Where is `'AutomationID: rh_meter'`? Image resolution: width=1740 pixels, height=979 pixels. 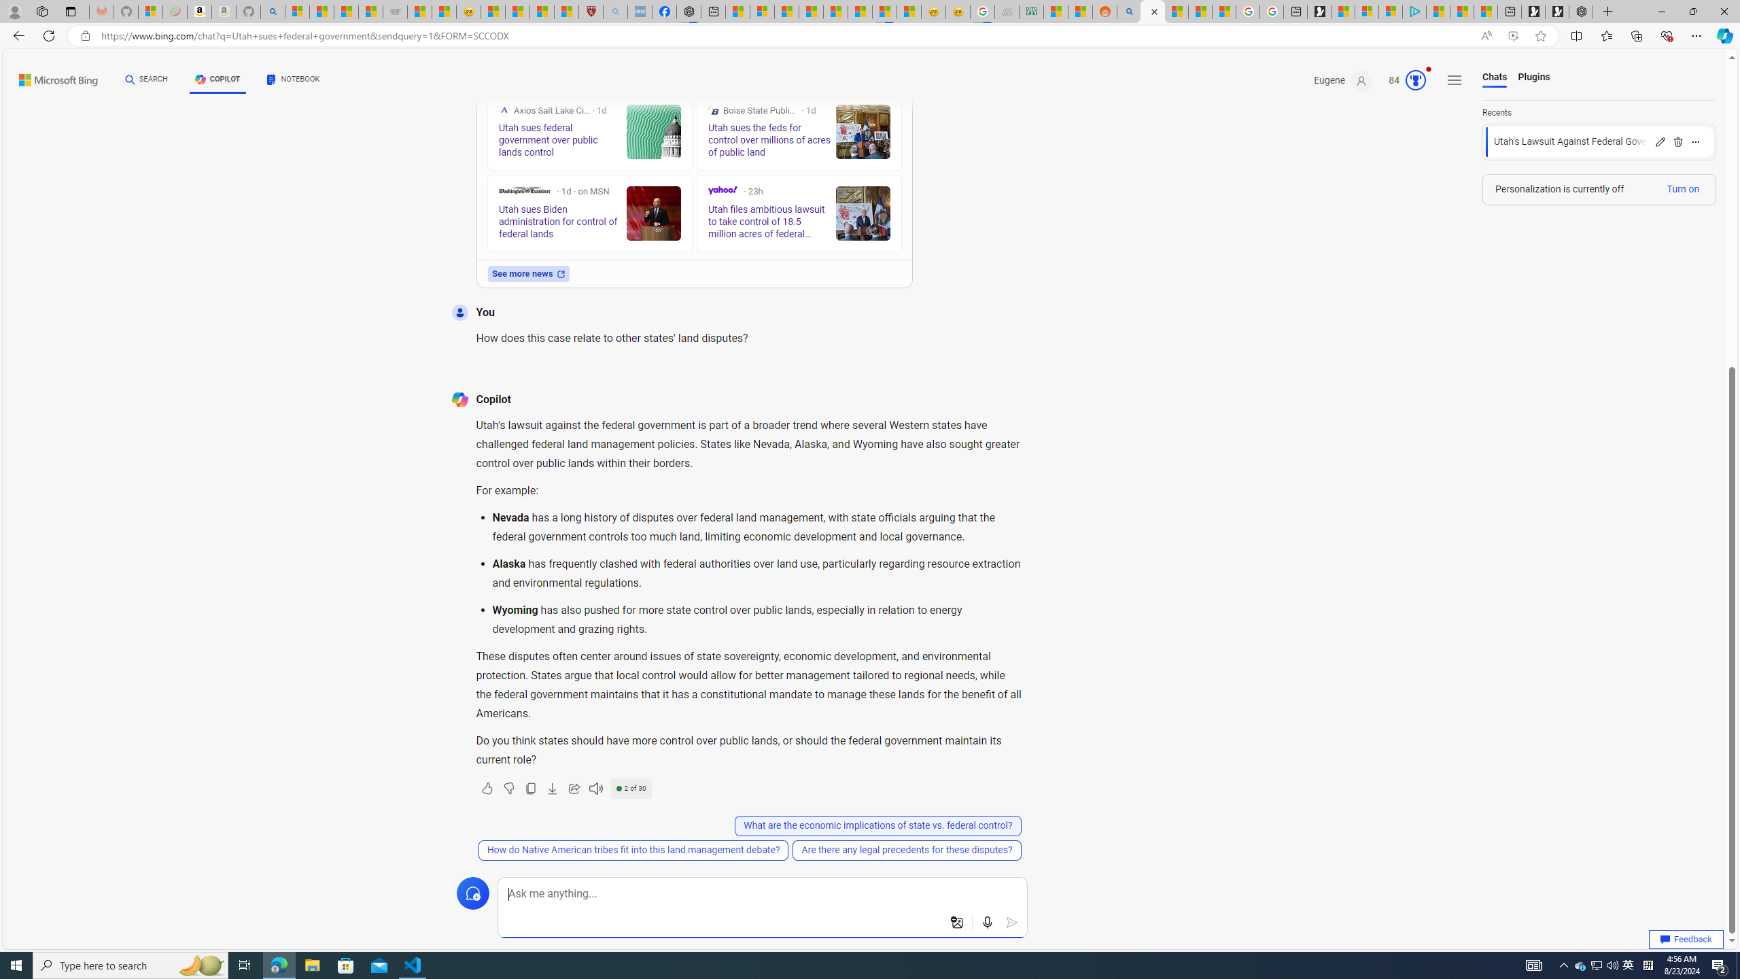 'AutomationID: rh_meter' is located at coordinates (1415, 80).